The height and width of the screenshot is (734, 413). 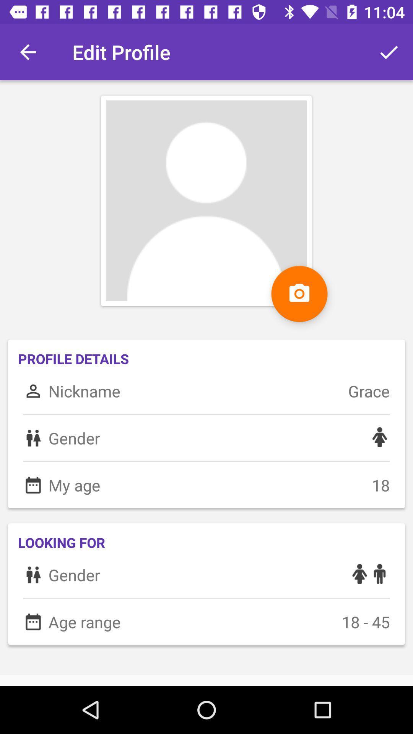 I want to click on icon to the left of the edit profile item, so click(x=28, y=52).